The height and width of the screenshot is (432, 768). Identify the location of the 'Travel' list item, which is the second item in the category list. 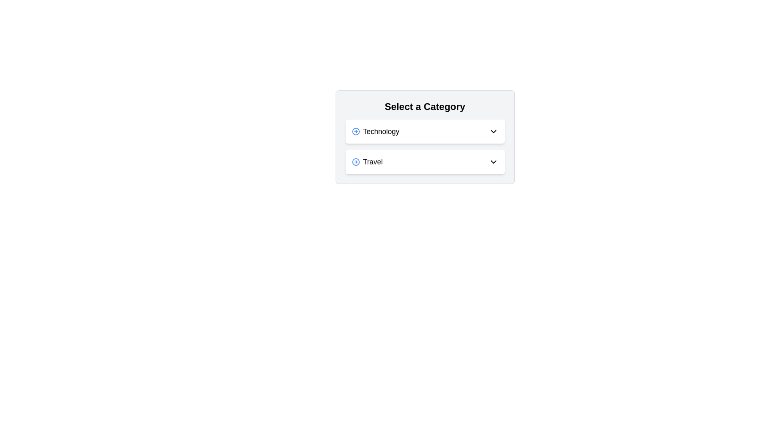
(367, 162).